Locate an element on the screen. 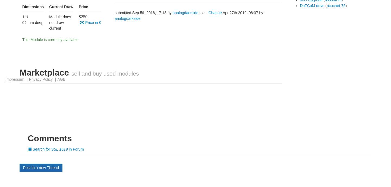 This screenshot has width=391, height=187. 'sell and buy used modules' is located at coordinates (71, 73).